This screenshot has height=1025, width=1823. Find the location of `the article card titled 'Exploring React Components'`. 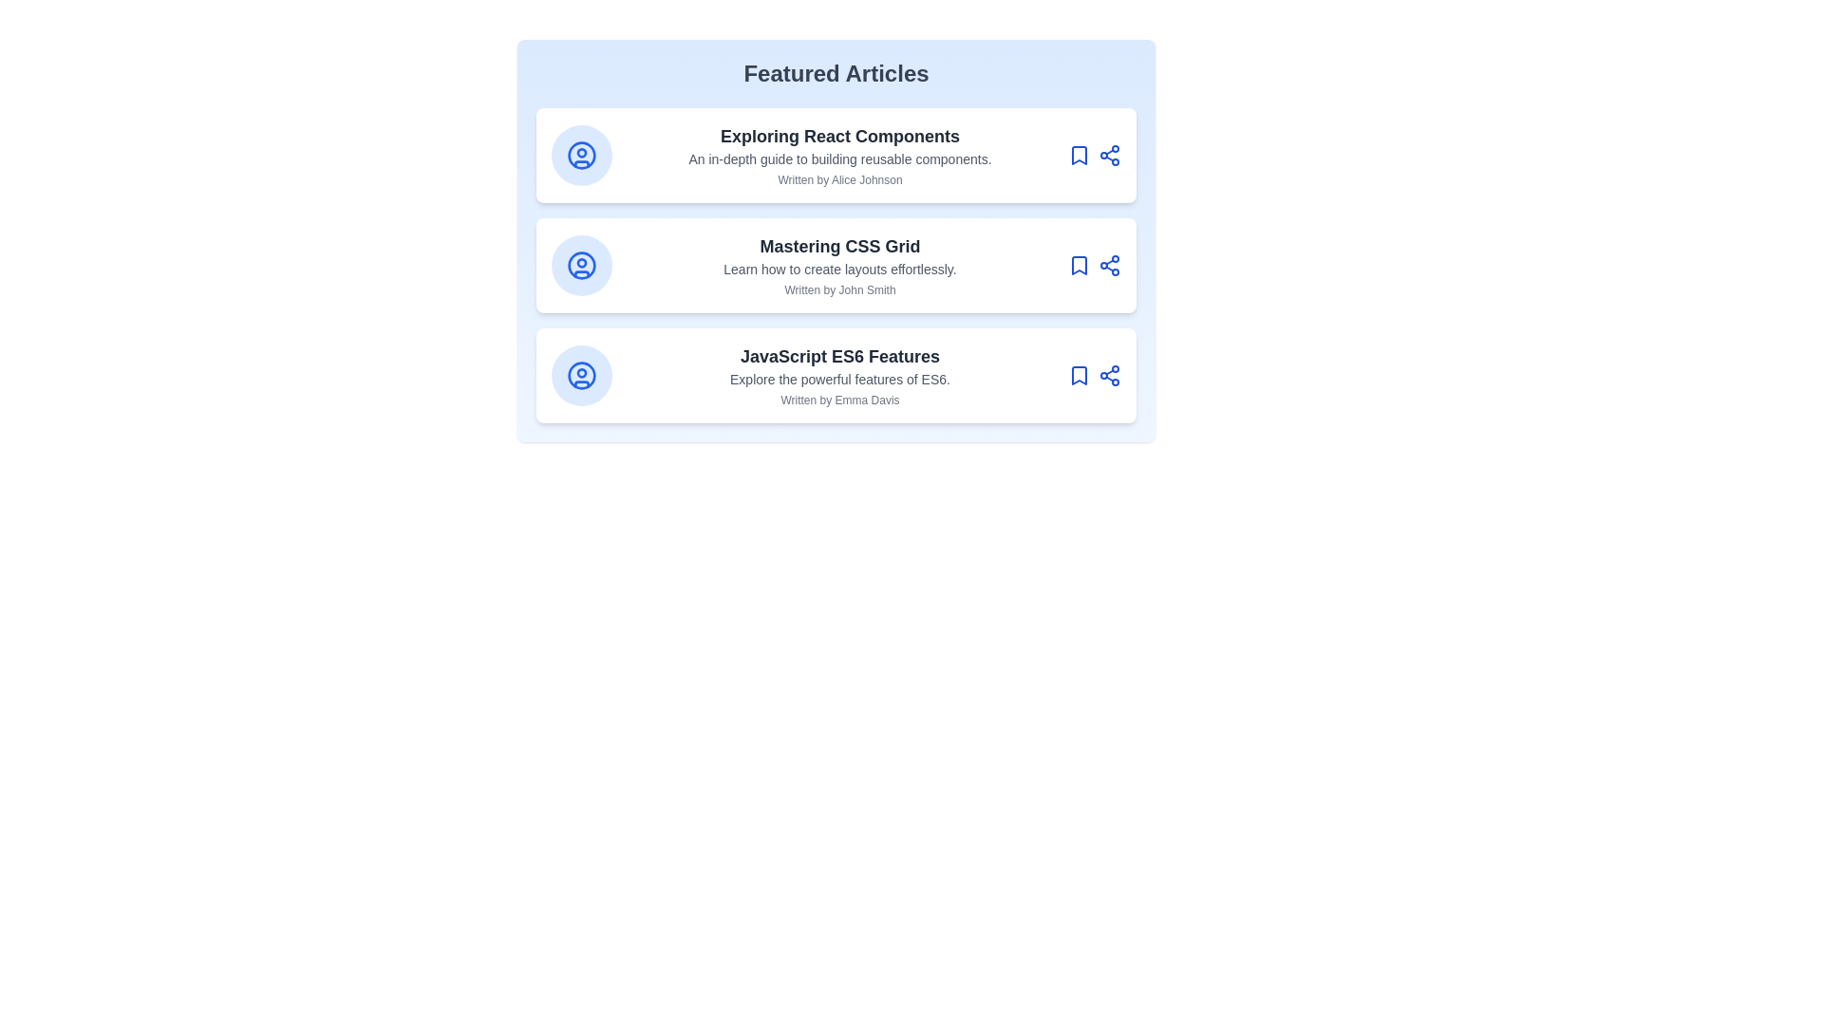

the article card titled 'Exploring React Components' is located at coordinates (836, 155).